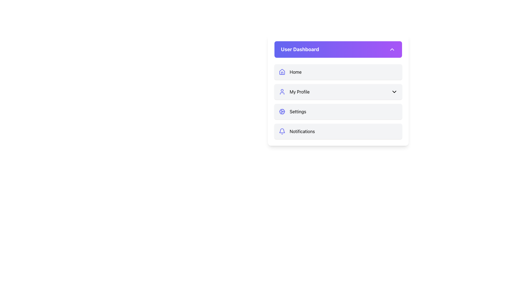  I want to click on the 'Settings' item in the vertically arranged list within the 'User Dashboard' card, so click(338, 102).